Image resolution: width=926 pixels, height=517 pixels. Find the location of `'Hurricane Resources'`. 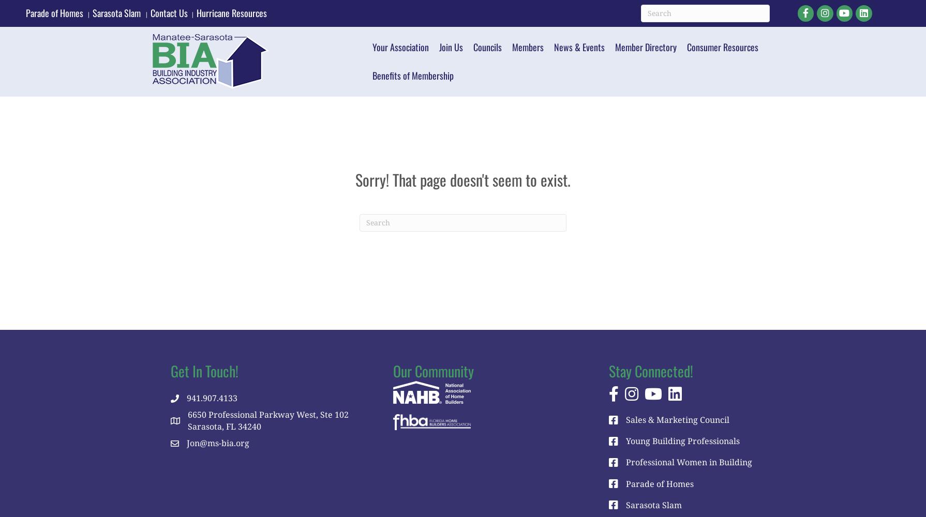

'Hurricane Resources' is located at coordinates (232, 13).